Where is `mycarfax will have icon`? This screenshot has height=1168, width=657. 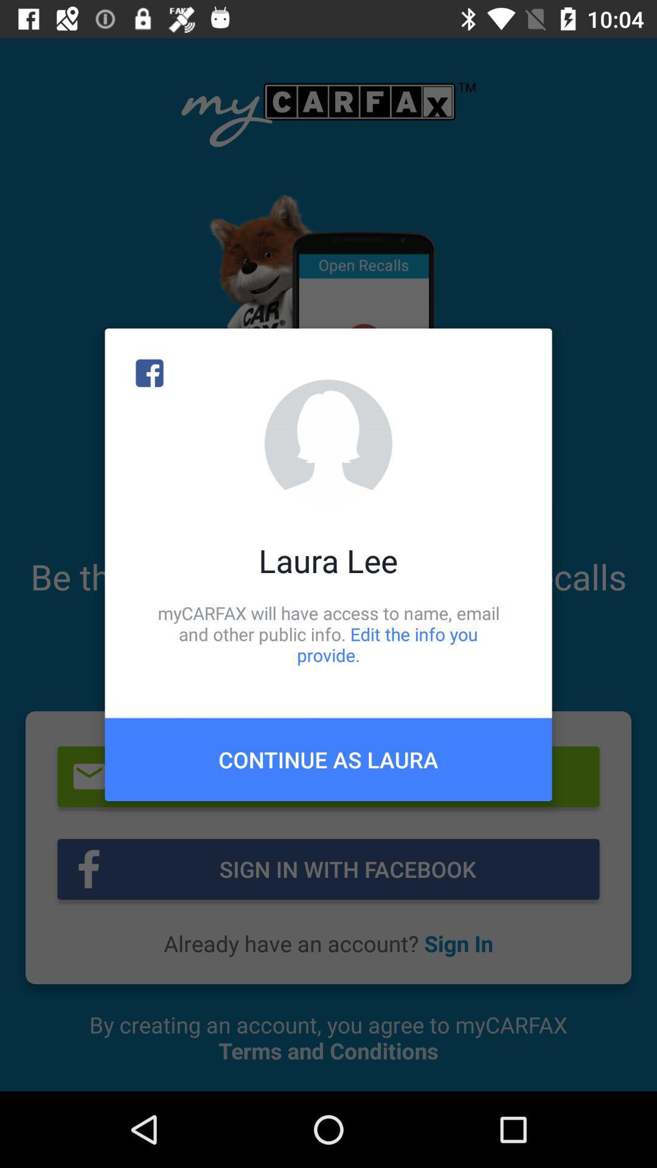 mycarfax will have icon is located at coordinates (328, 633).